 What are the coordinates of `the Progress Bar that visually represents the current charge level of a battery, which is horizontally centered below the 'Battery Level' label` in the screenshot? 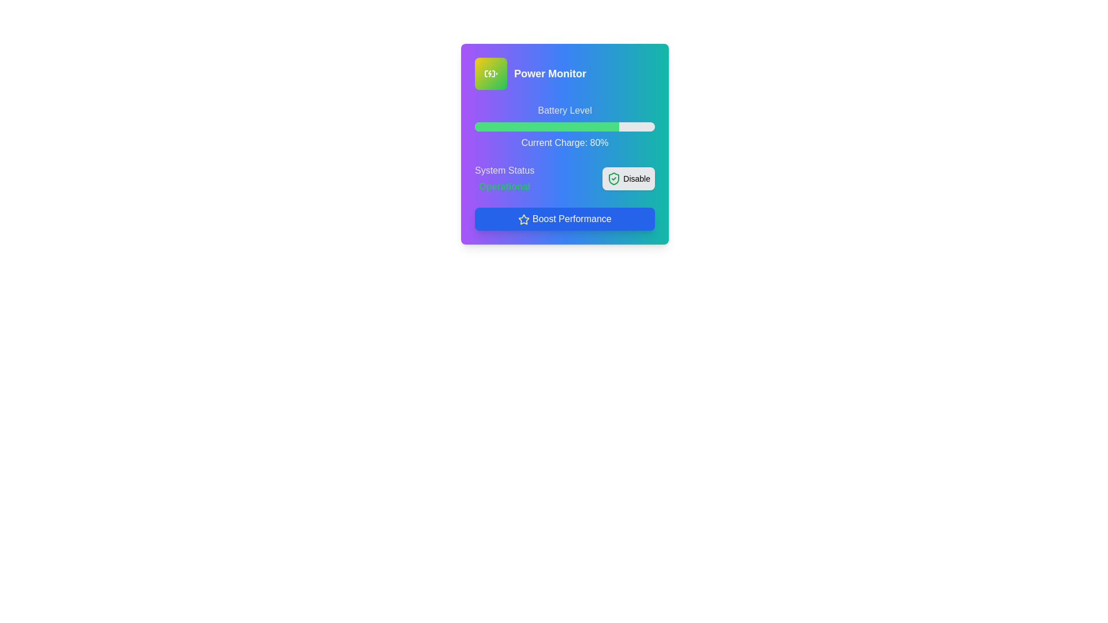 It's located at (546, 126).